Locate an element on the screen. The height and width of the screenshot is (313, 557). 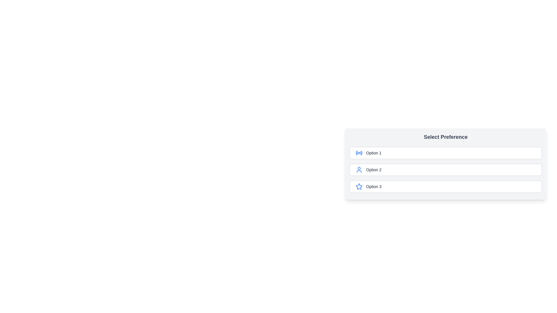
the 'Option 2' icon, which is located to the left of the text label in the second entry of a three-item list component is located at coordinates (359, 170).